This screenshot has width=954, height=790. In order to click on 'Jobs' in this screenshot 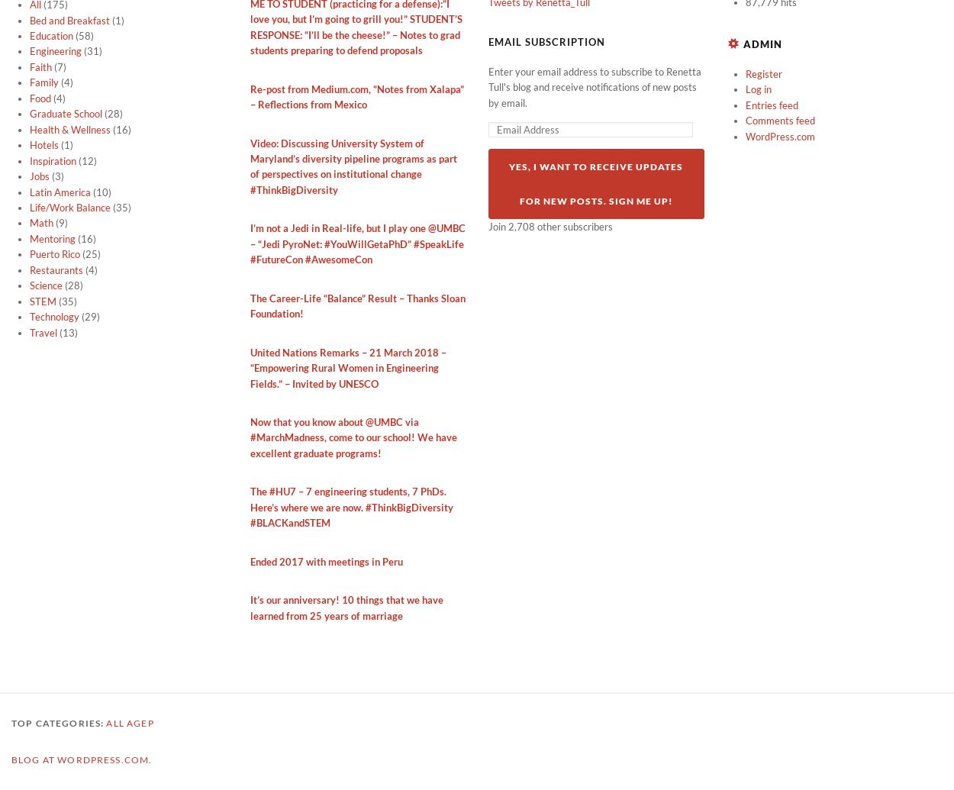, I will do `click(30, 176)`.